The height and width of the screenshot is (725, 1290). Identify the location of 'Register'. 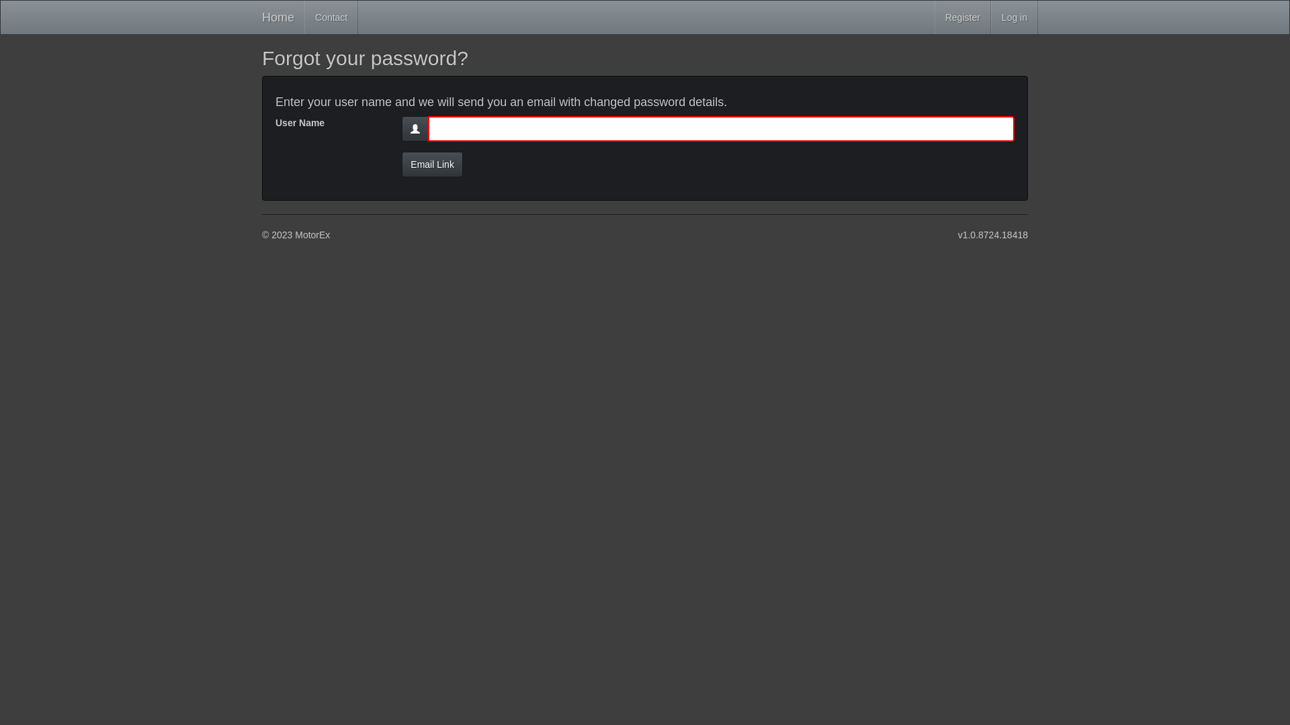
(962, 17).